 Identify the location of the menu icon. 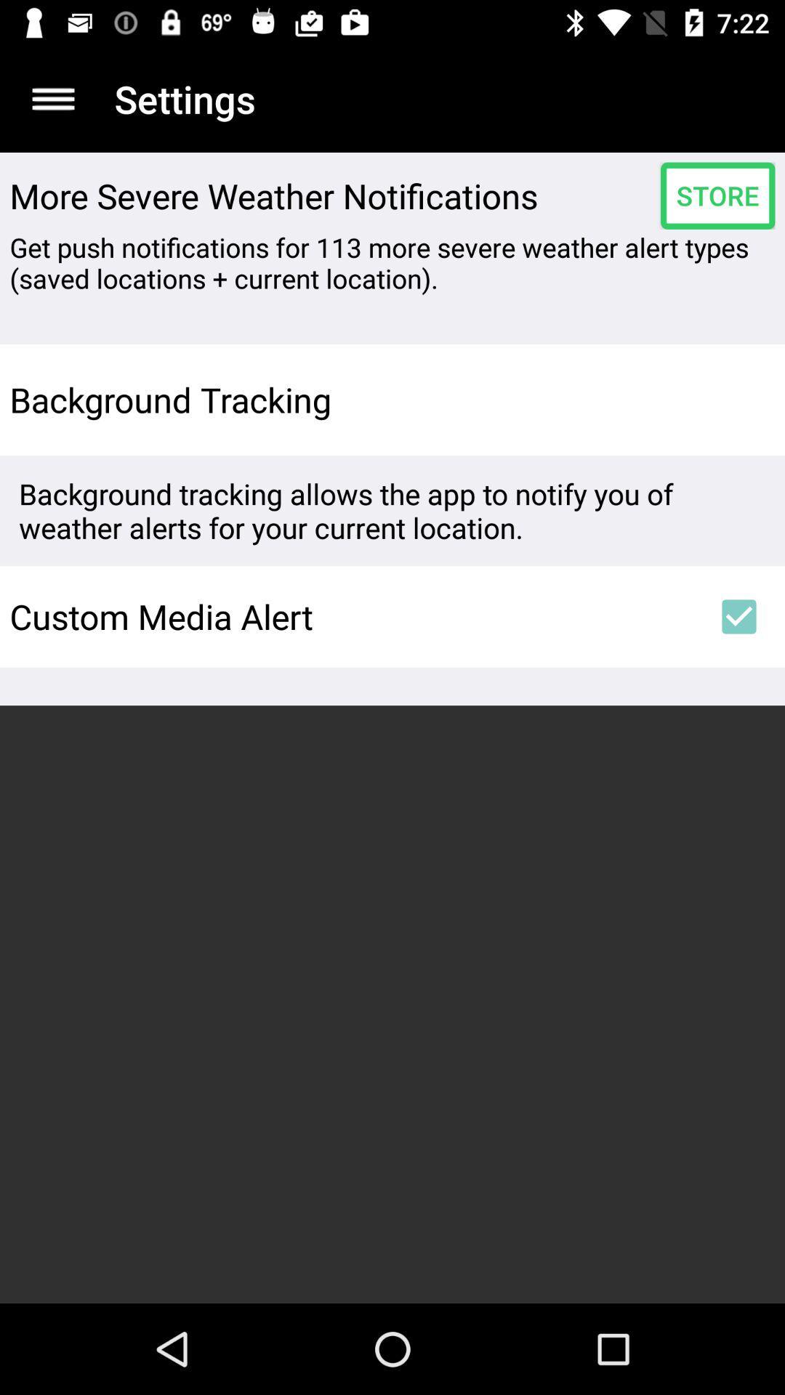
(52, 98).